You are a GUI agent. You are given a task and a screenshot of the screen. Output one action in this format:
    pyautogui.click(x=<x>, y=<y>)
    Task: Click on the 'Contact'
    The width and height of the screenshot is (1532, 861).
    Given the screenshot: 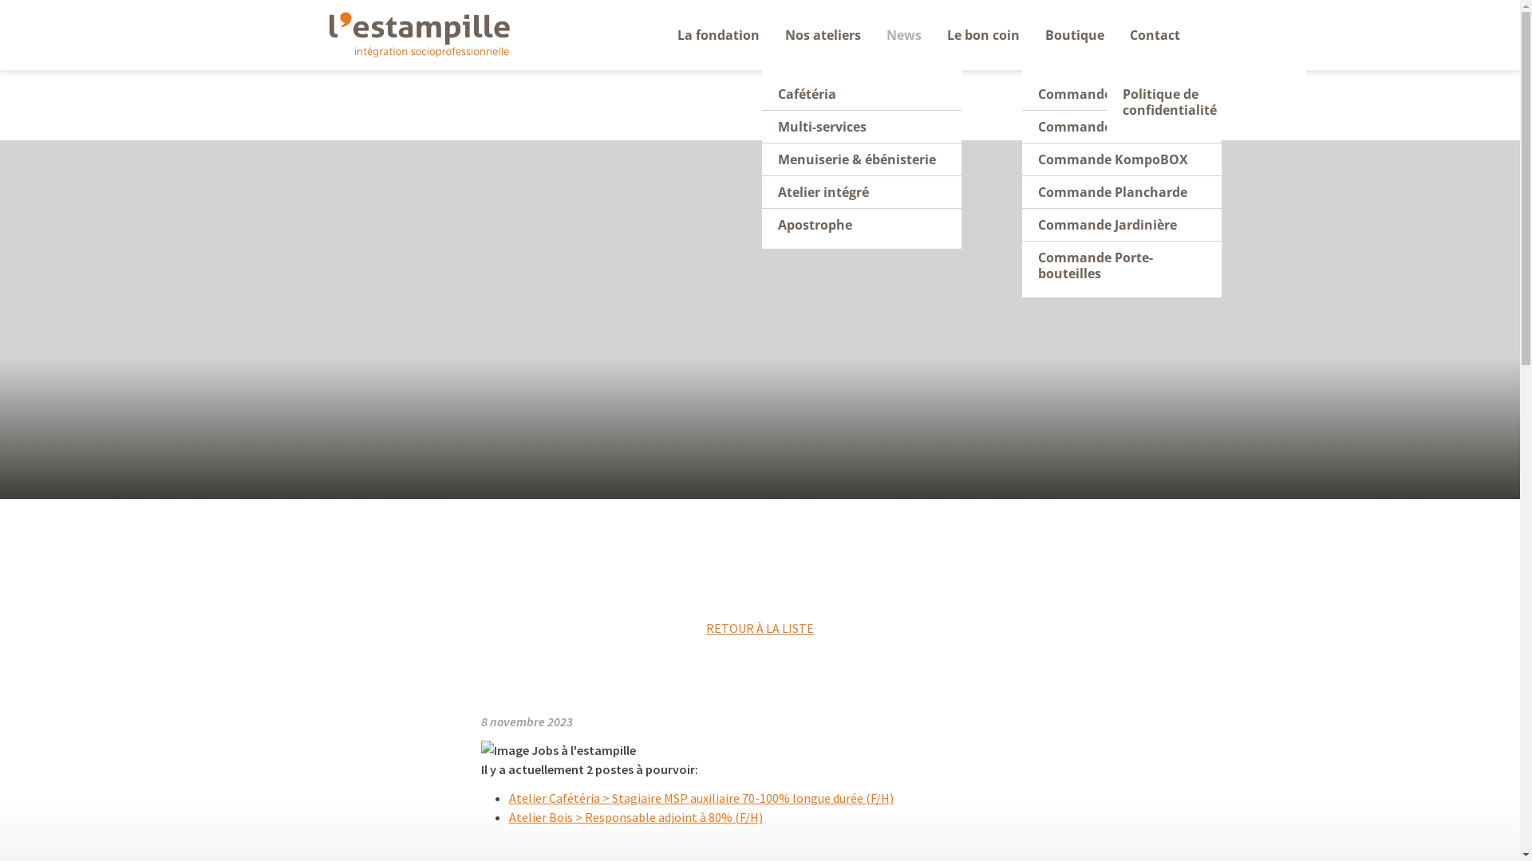 What is the action you would take?
    pyautogui.click(x=1155, y=34)
    